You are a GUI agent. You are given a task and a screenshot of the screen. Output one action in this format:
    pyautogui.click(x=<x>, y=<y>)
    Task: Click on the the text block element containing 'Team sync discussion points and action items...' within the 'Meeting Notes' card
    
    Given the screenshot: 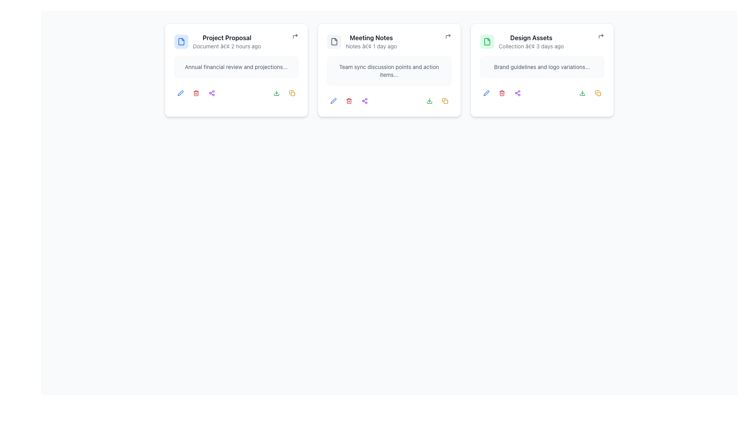 What is the action you would take?
    pyautogui.click(x=389, y=71)
    